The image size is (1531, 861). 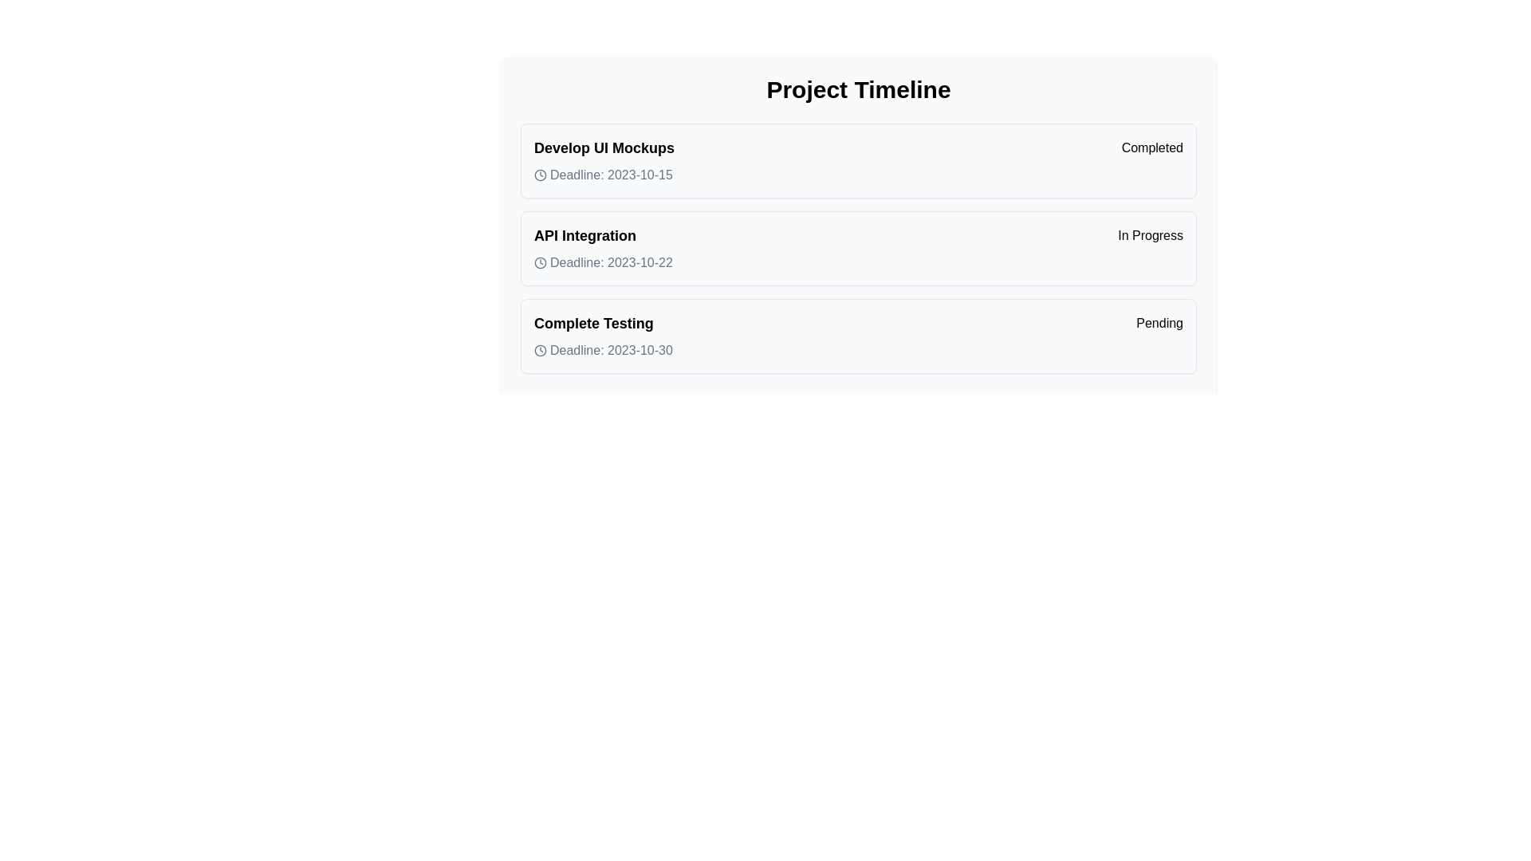 I want to click on the static label displaying the deadline for the task 'Complete Testing', which is aligned horizontally with the status text 'Pending', so click(x=602, y=349).